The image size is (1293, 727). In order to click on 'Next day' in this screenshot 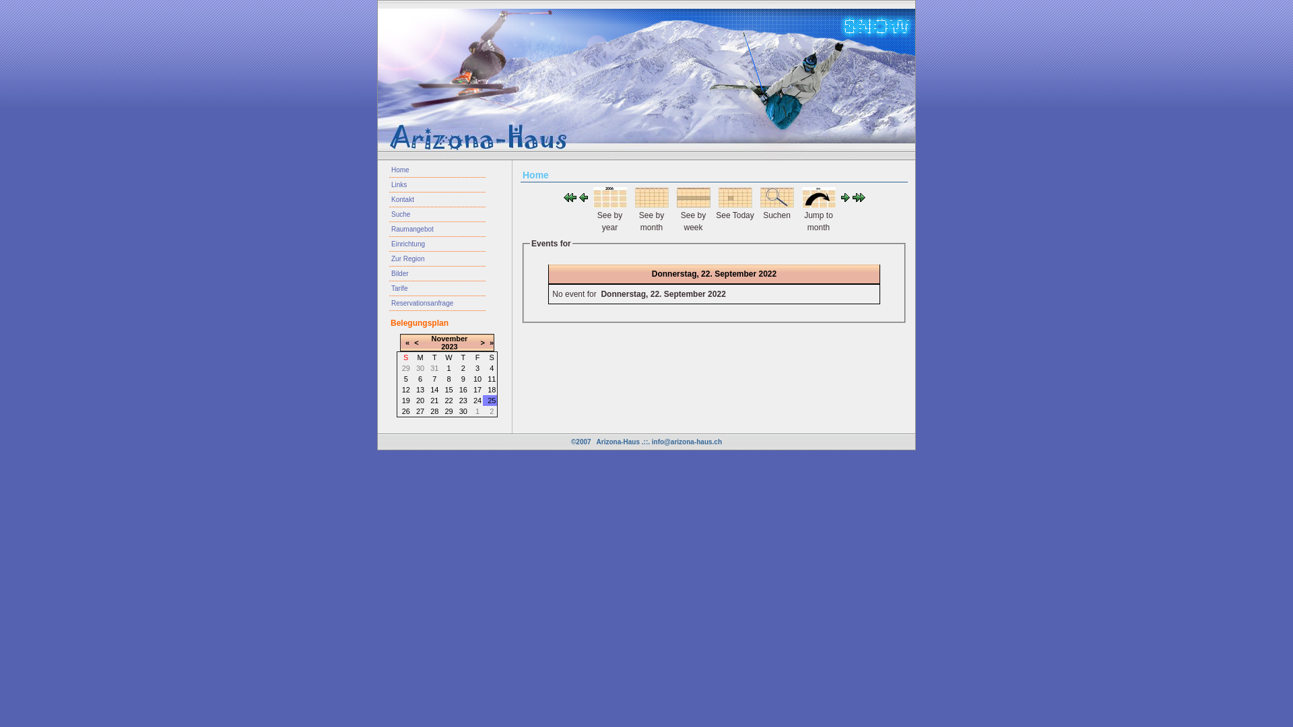, I will do `click(840, 199)`.